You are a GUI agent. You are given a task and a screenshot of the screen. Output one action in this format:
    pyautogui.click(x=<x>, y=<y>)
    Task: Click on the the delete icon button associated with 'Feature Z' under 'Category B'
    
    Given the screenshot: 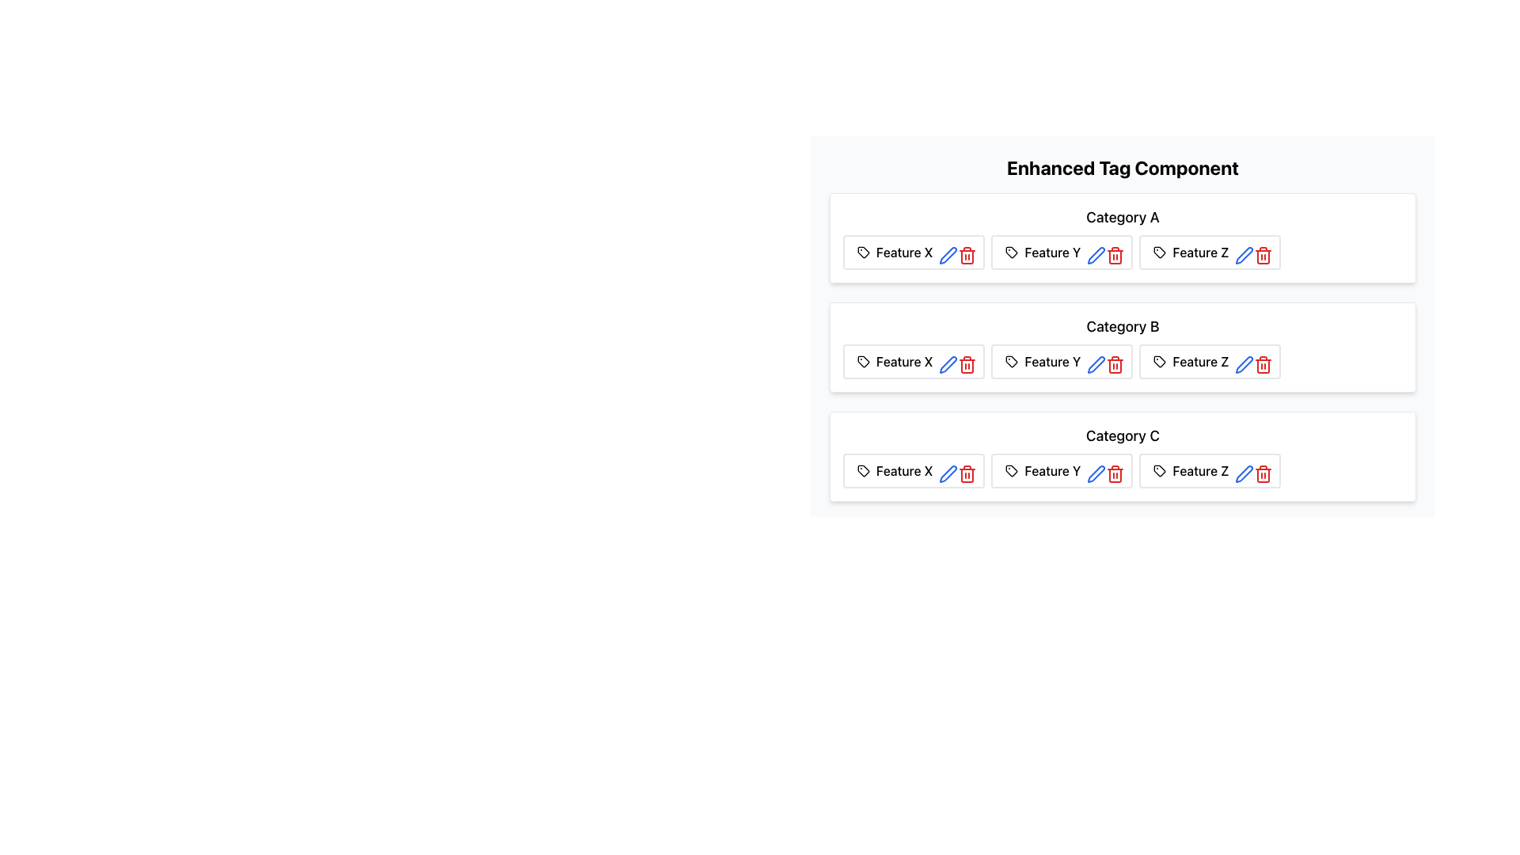 What is the action you would take?
    pyautogui.click(x=1263, y=365)
    